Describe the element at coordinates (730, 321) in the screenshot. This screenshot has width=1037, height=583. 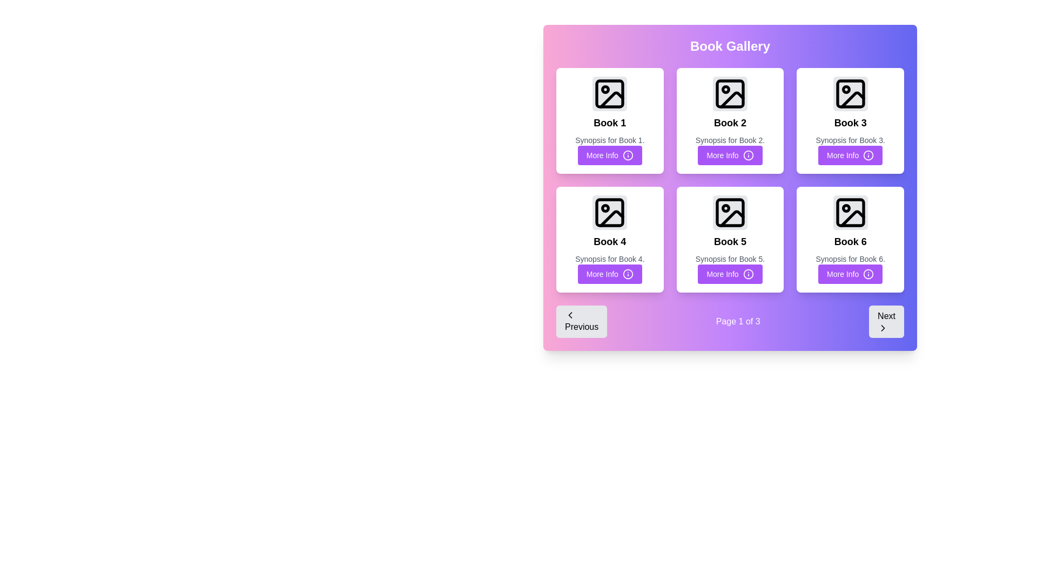
I see `page indicator text from the Pagination bar located at the bottom of the 'Book Gallery' section, which shows the current page number and total pages` at that location.